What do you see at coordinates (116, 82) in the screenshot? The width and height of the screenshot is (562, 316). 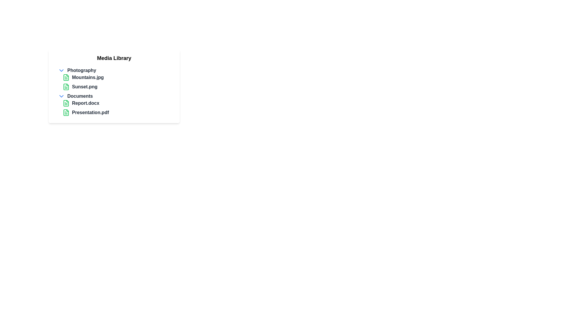 I see `the file entry 'Sunset.png' from the Photography section of the Media Library` at bounding box center [116, 82].